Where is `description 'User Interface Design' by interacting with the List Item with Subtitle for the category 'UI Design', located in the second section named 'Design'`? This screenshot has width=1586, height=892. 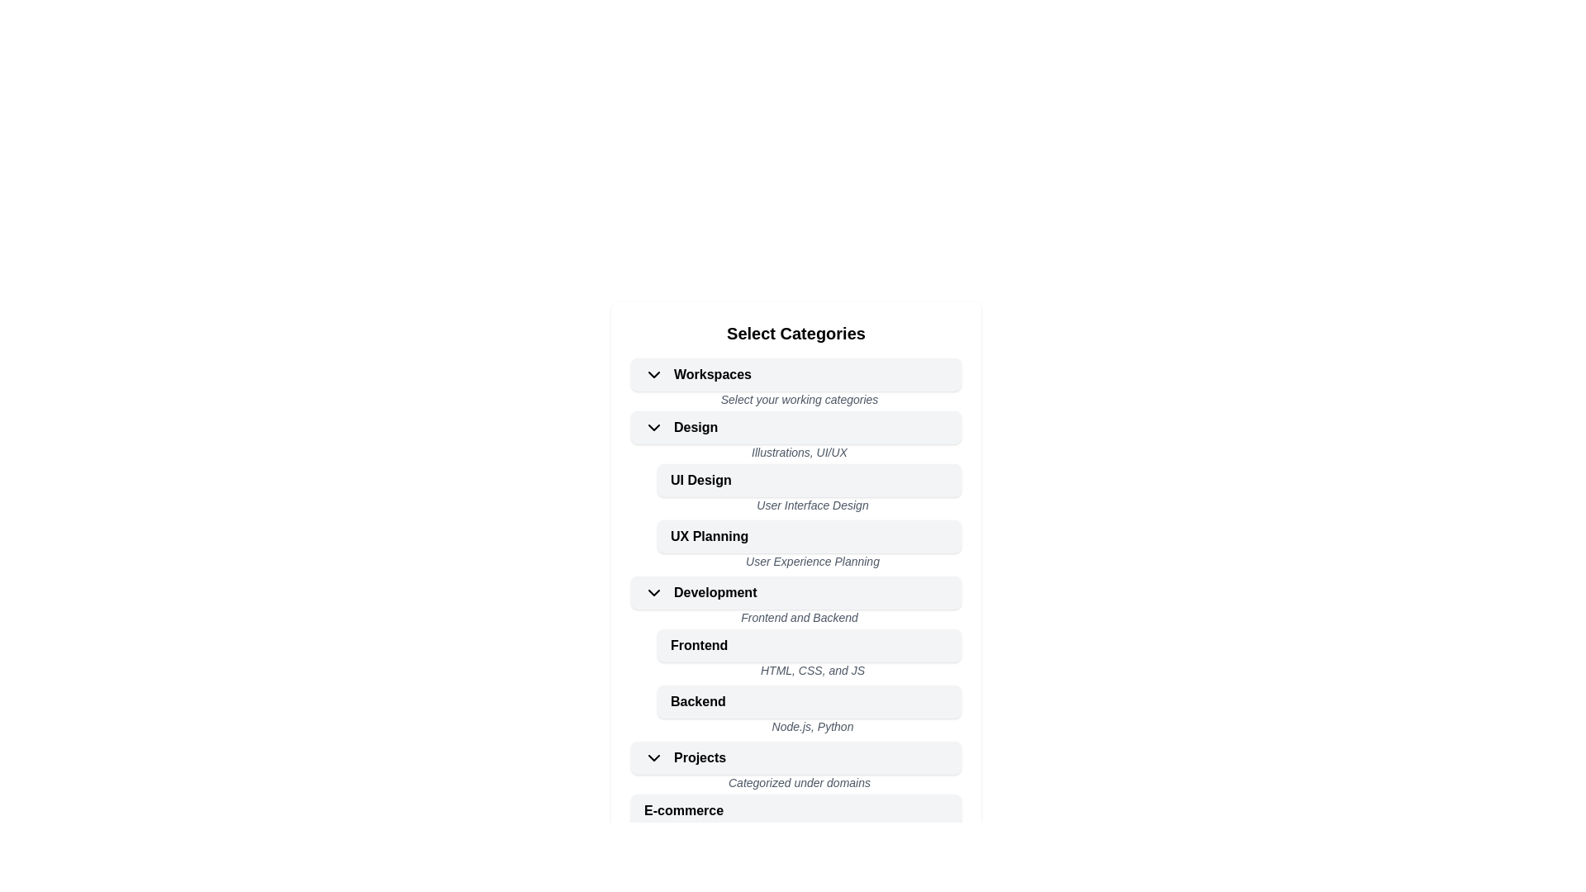 description 'User Interface Design' by interacting with the List Item with Subtitle for the category 'UI Design', located in the second section named 'Design' is located at coordinates (796, 491).